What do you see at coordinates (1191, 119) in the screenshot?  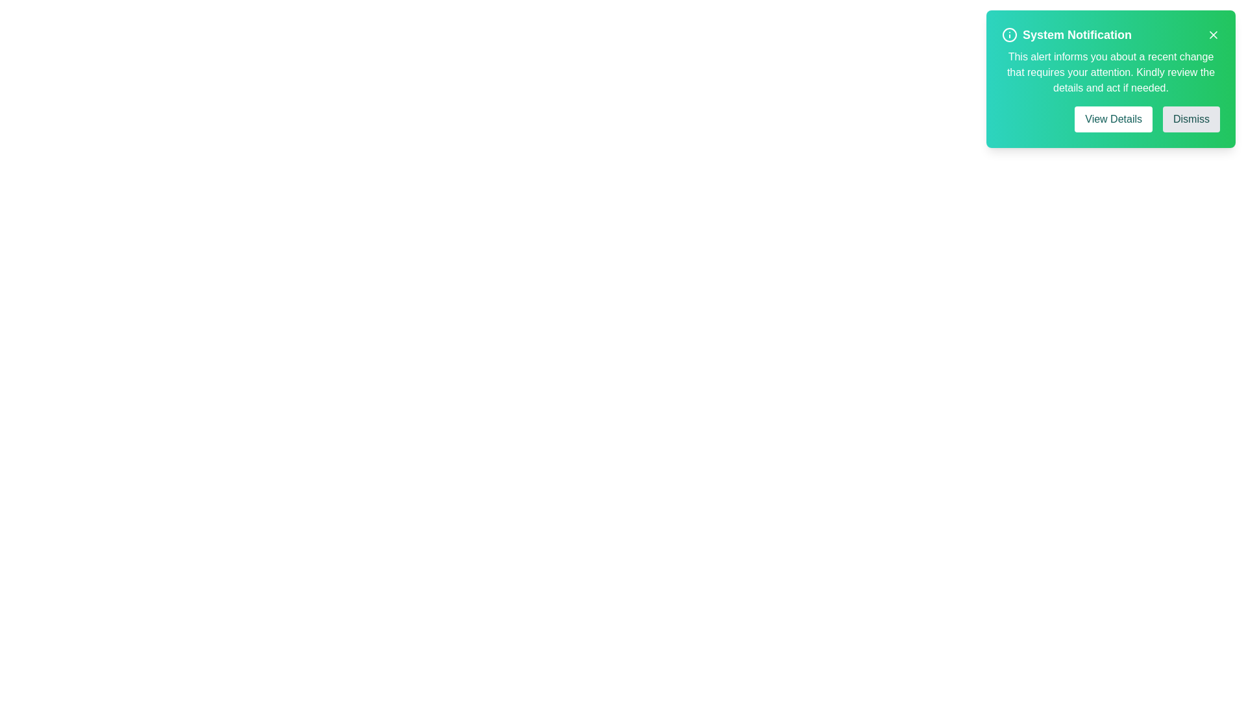 I see `the 'Dismiss' button to close the alert` at bounding box center [1191, 119].